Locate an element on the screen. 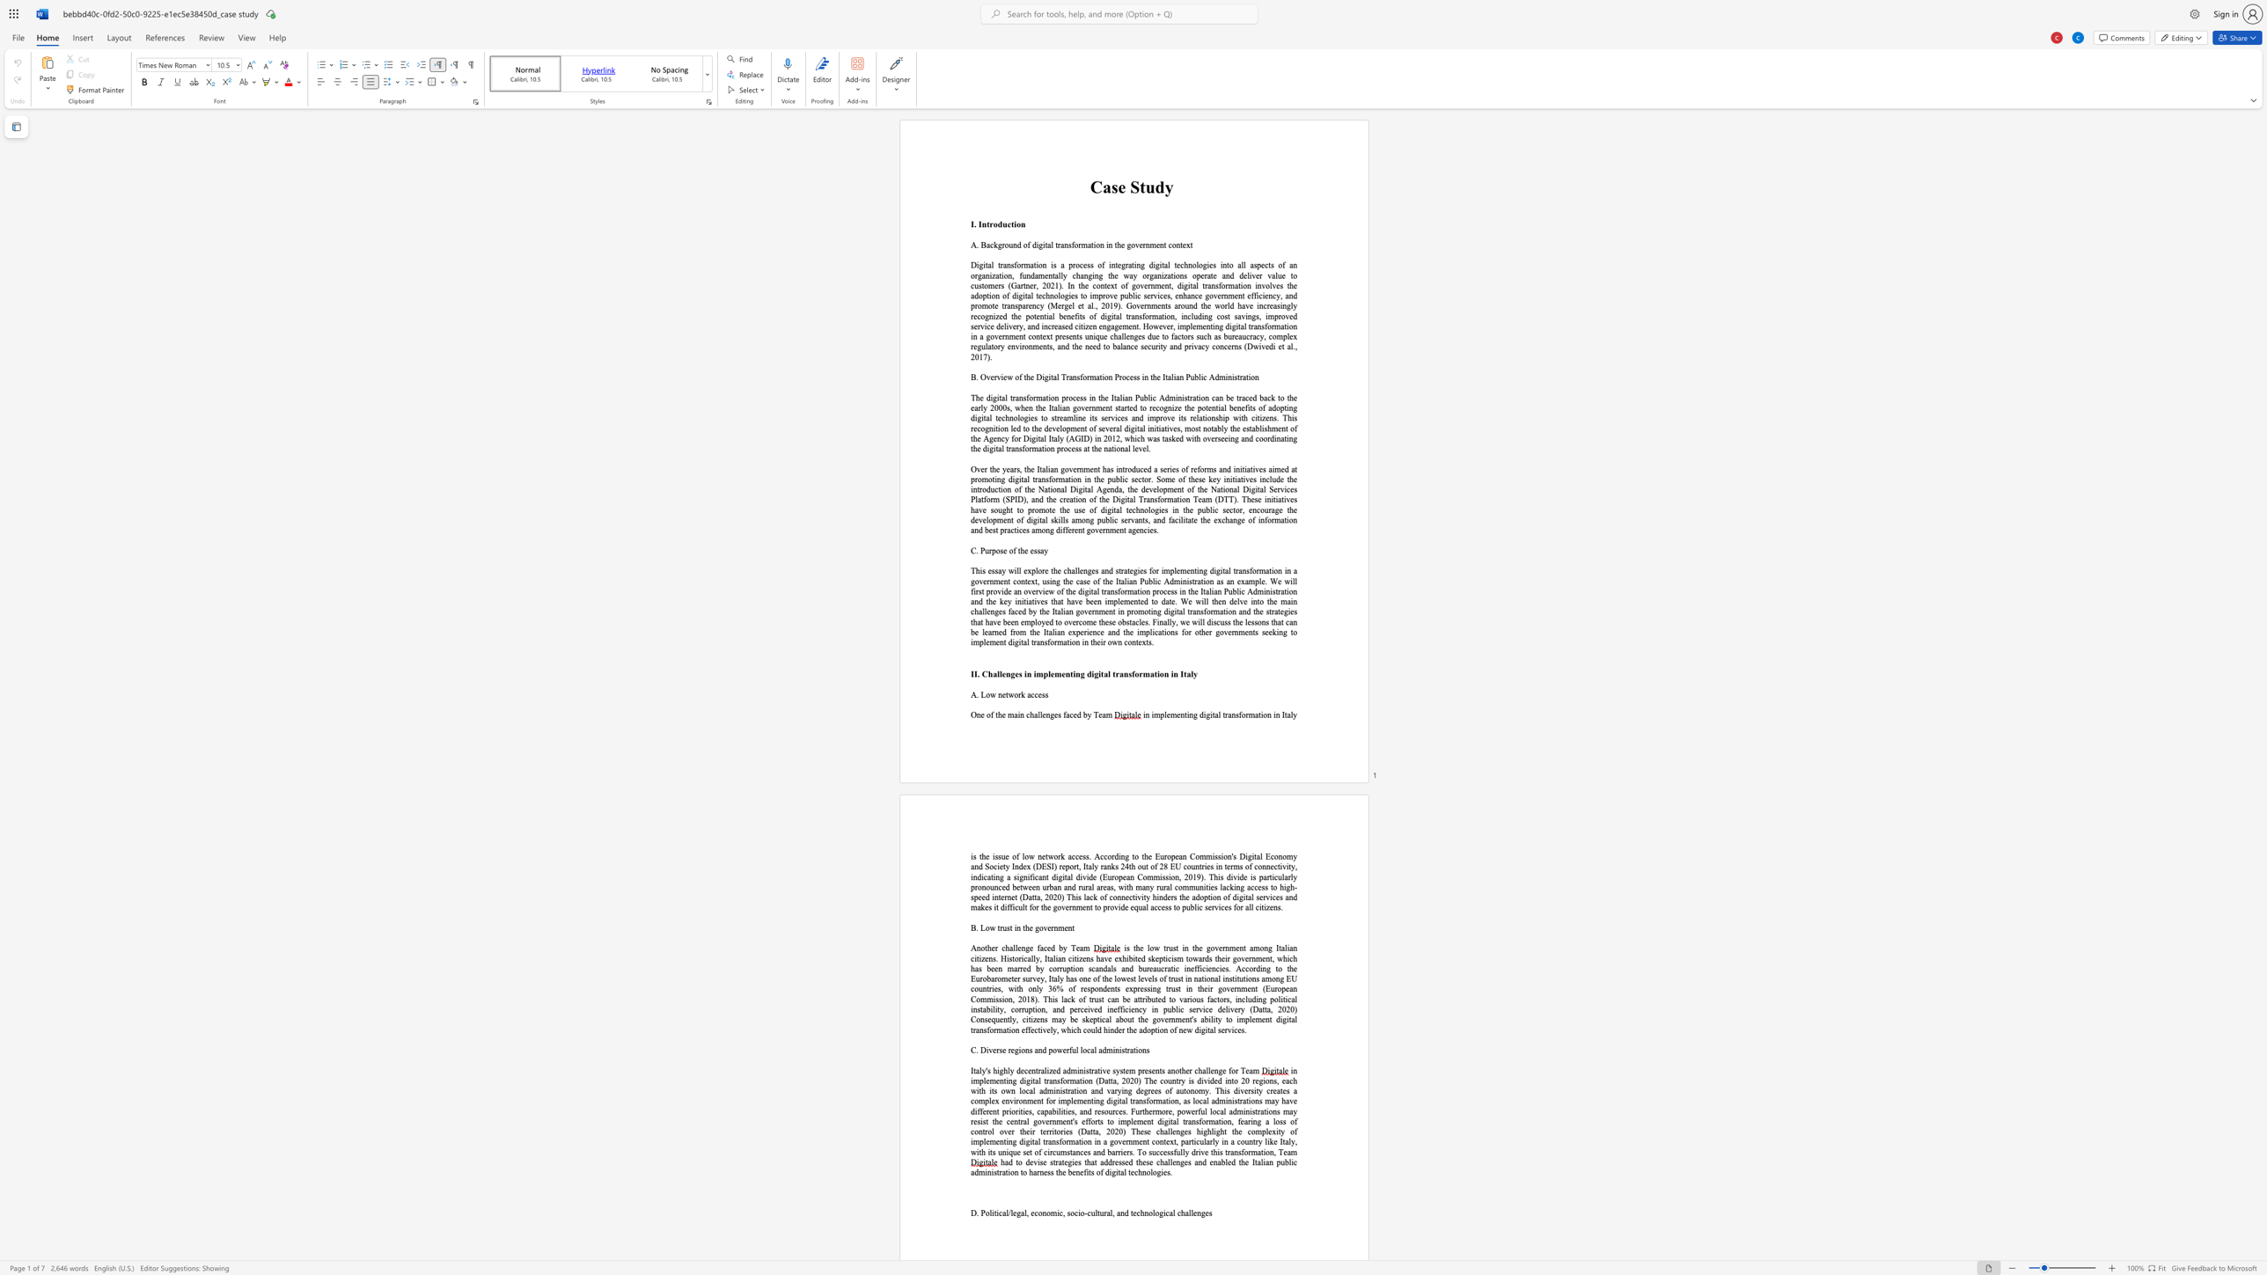  the 2th character "s" in the text is located at coordinates (1228, 998).